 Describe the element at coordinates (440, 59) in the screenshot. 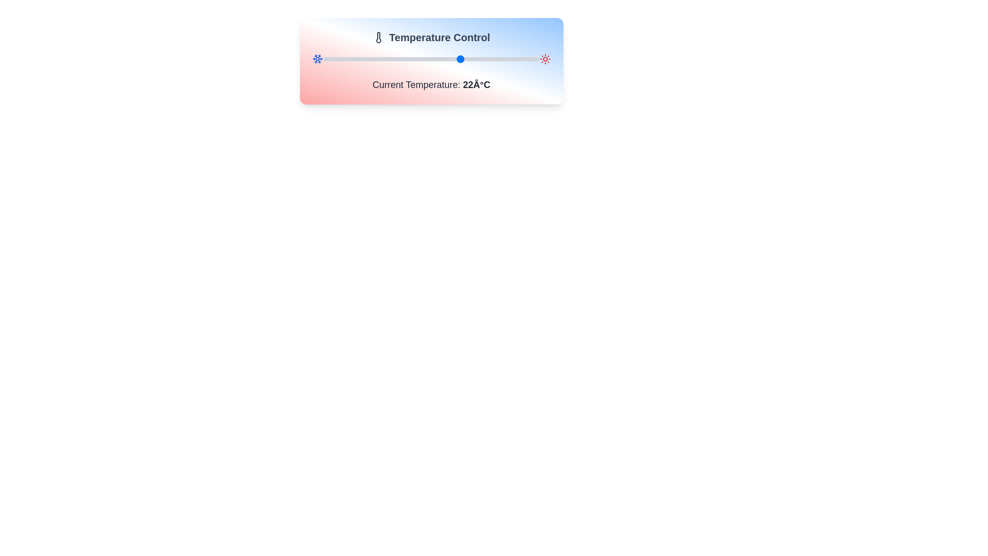

I see `the temperature` at that location.